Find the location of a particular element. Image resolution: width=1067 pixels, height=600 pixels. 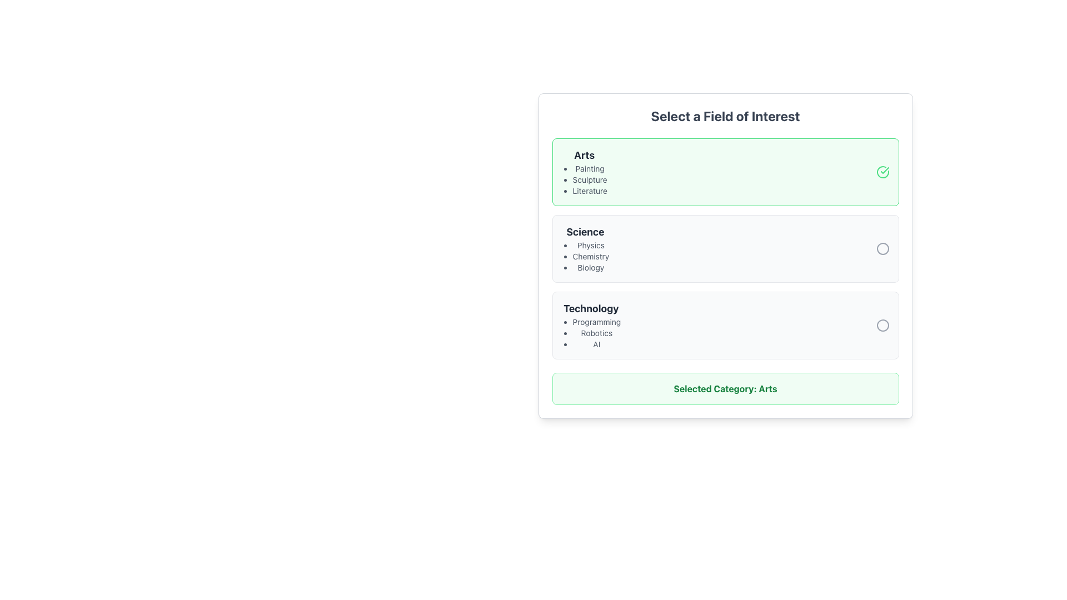

the first item in the 'Science' list, which serves as a label or selectable topic is located at coordinates (590, 245).